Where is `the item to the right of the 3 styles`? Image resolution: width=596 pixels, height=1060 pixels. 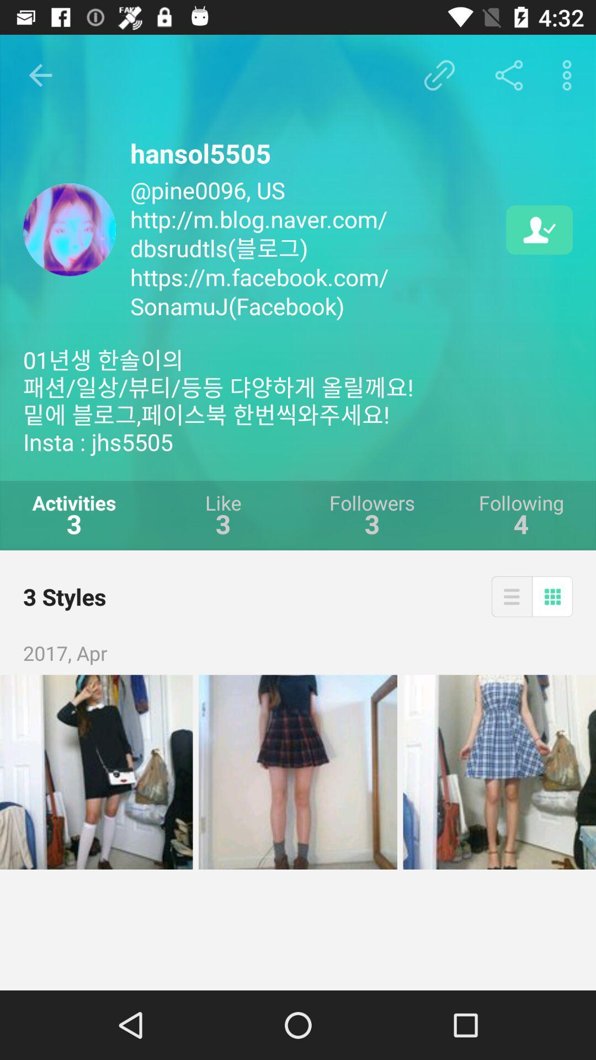
the item to the right of the 3 styles is located at coordinates (512, 596).